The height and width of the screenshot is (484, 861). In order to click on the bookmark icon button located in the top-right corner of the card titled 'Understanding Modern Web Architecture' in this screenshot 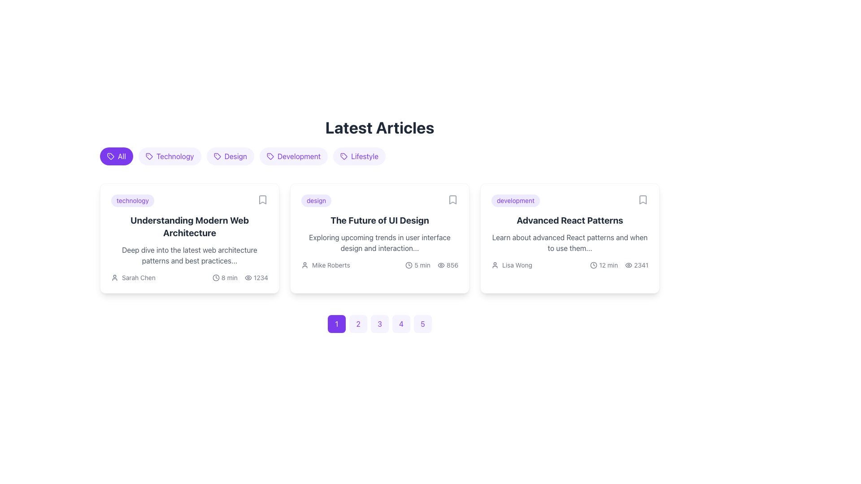, I will do `click(262, 199)`.